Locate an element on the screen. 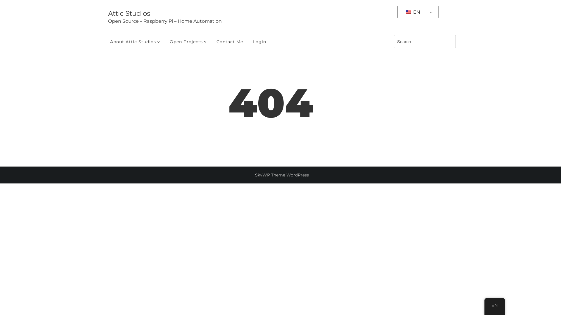 The width and height of the screenshot is (561, 315). 'SkyWP Theme WordPress' is located at coordinates (282, 175).